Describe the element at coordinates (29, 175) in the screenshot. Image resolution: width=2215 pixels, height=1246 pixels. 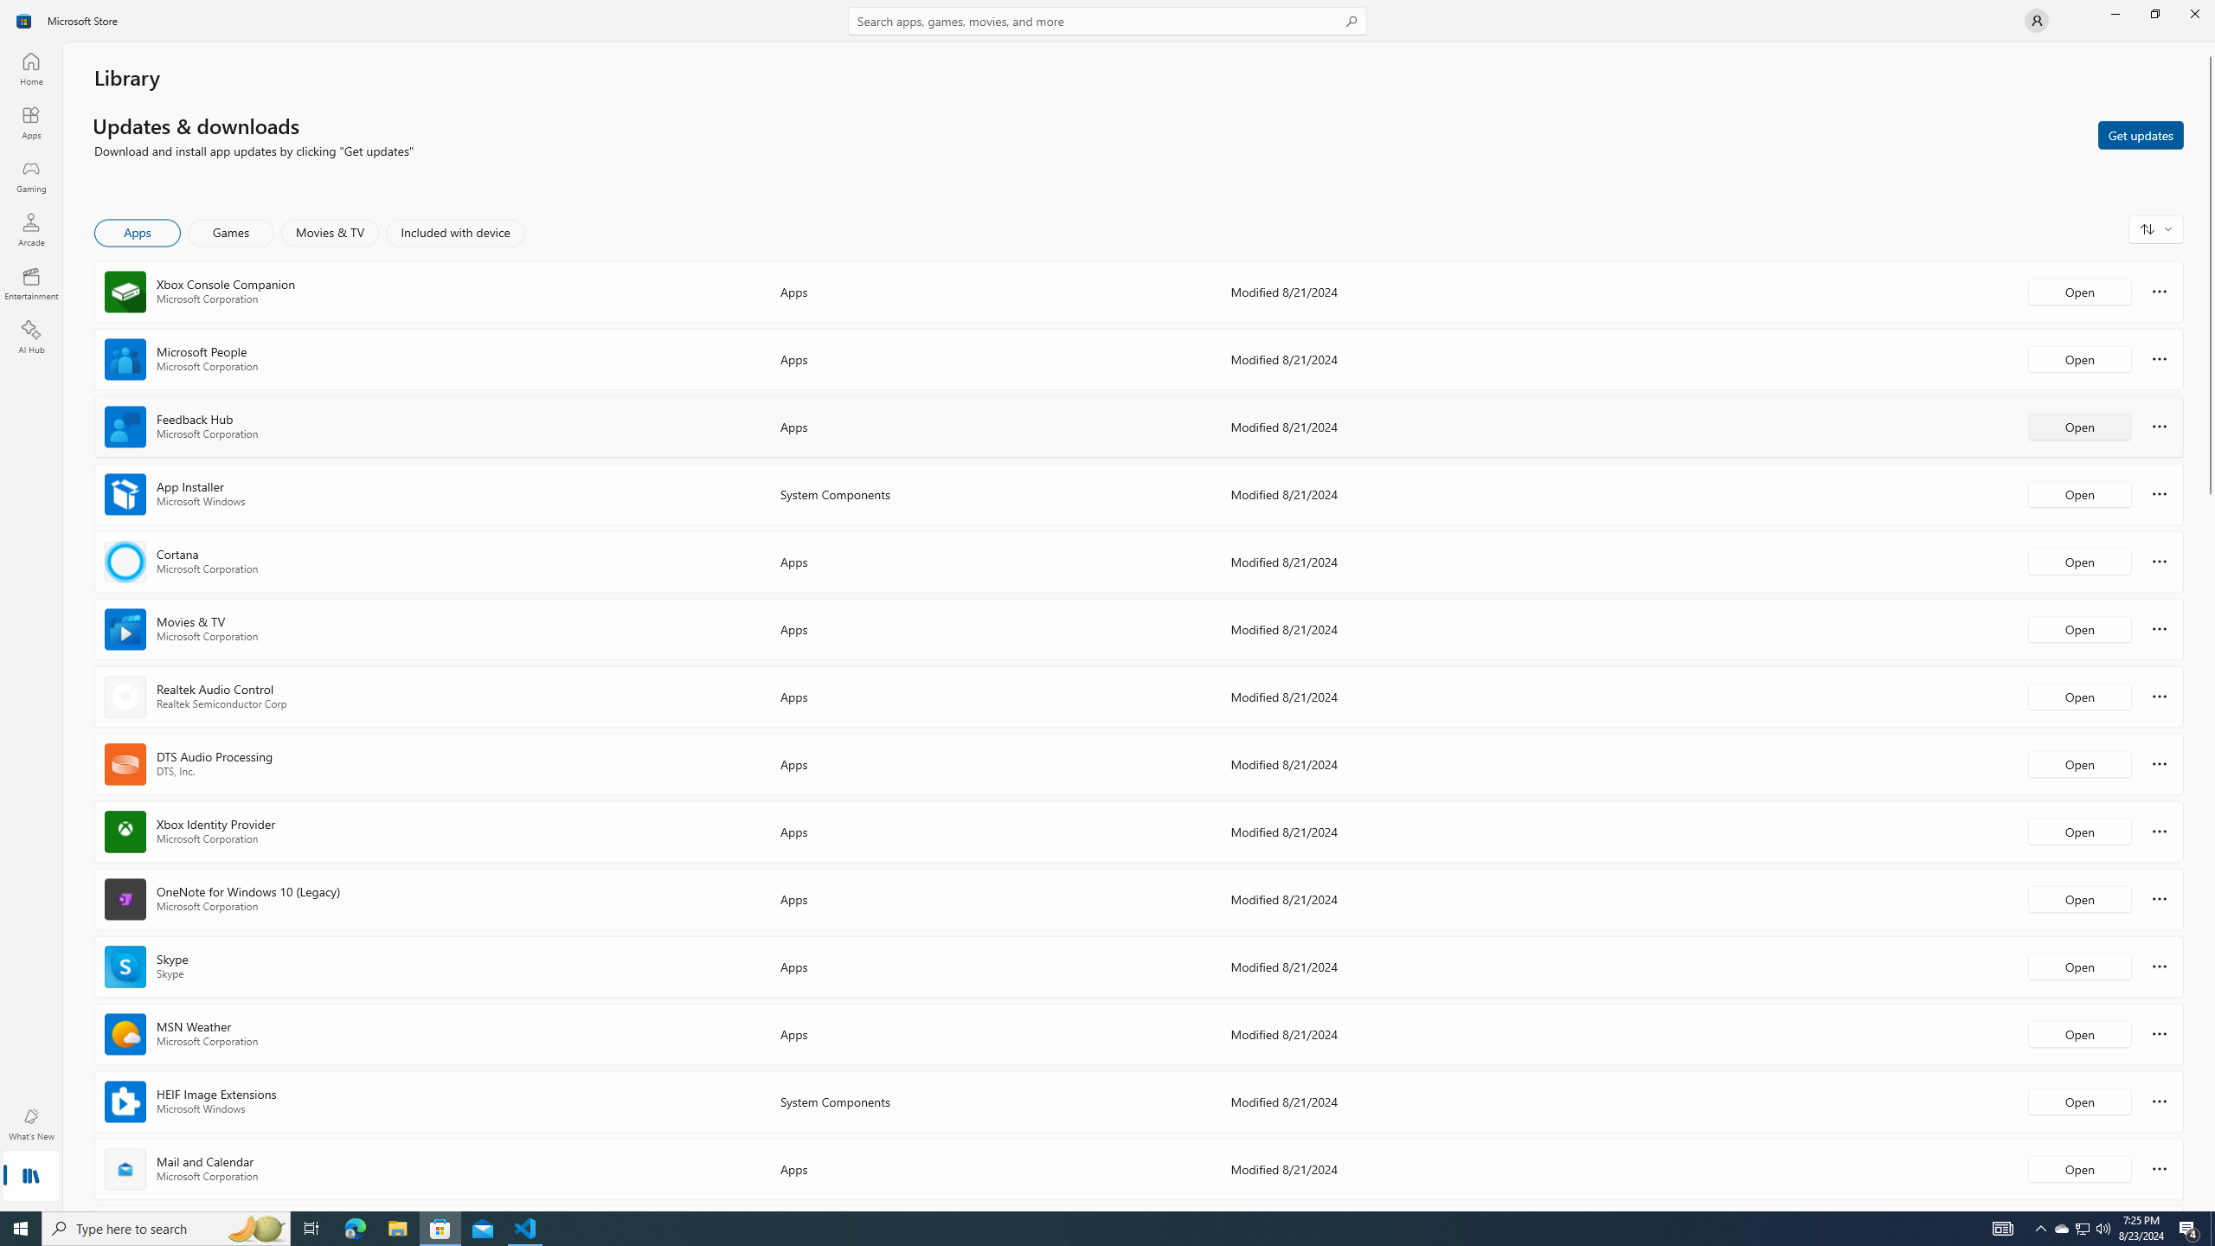
I see `'Gaming'` at that location.